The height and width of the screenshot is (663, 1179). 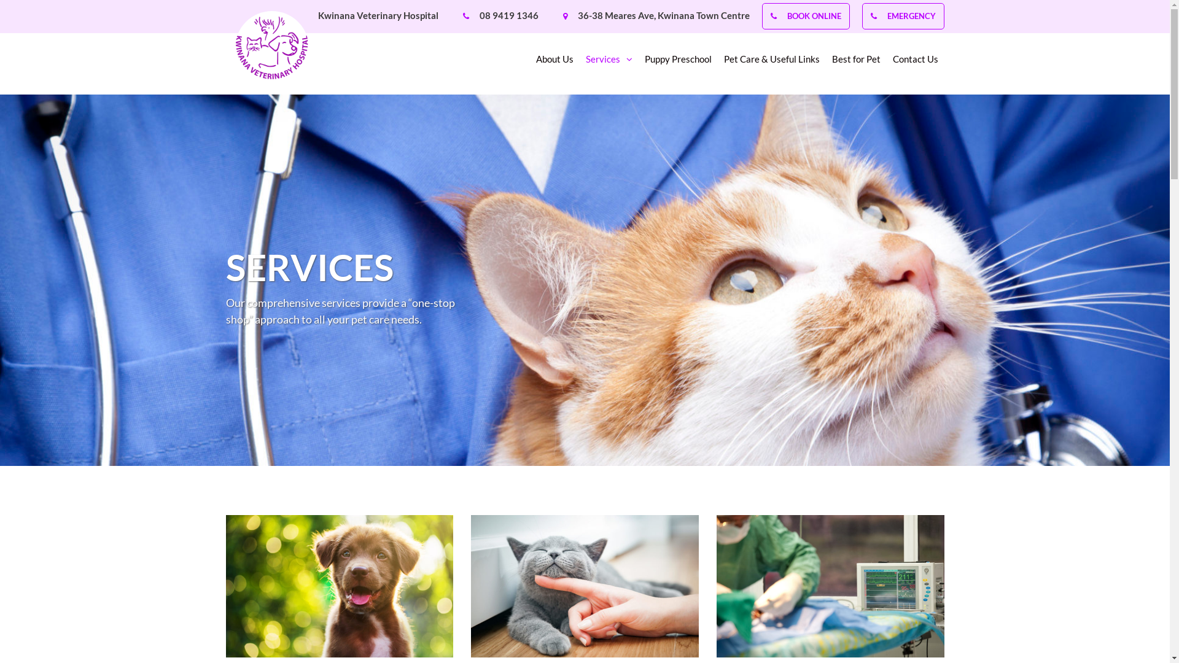 I want to click on '08 9419 1346', so click(x=478, y=15).